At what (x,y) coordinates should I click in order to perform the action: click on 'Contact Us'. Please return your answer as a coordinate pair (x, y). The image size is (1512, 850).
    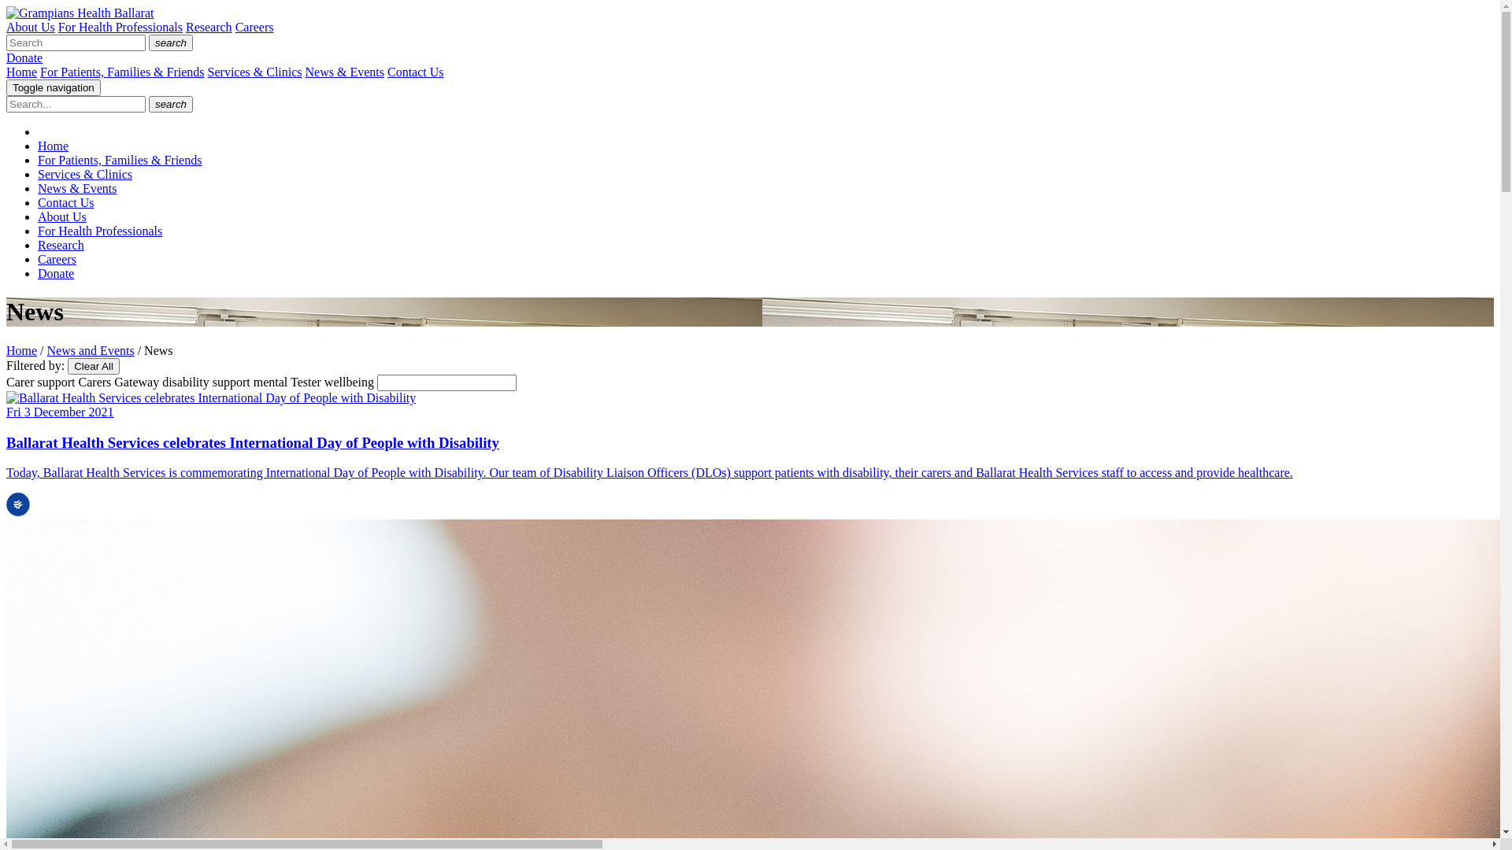
    Looking at the image, I should click on (416, 72).